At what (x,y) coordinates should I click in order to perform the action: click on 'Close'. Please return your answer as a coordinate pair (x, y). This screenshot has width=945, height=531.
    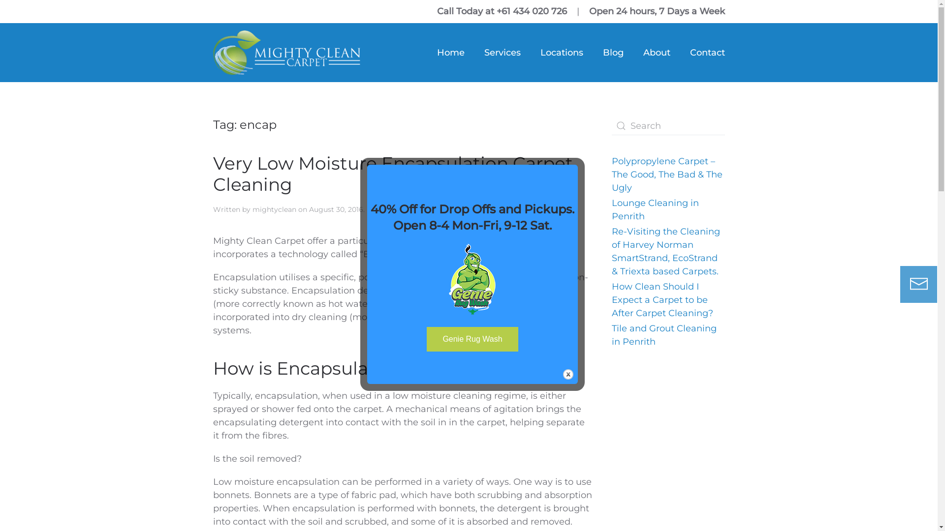
    Looking at the image, I should click on (568, 374).